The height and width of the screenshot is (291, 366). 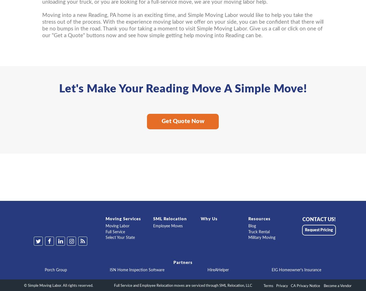 What do you see at coordinates (268, 286) in the screenshot?
I see `'Terms'` at bounding box center [268, 286].